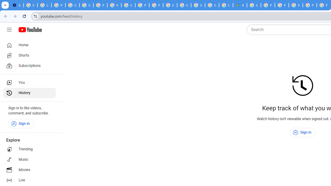 The image size is (331, 186). Describe the element at coordinates (198, 5) in the screenshot. I see `'Sign in - Google Accounts'` at that location.